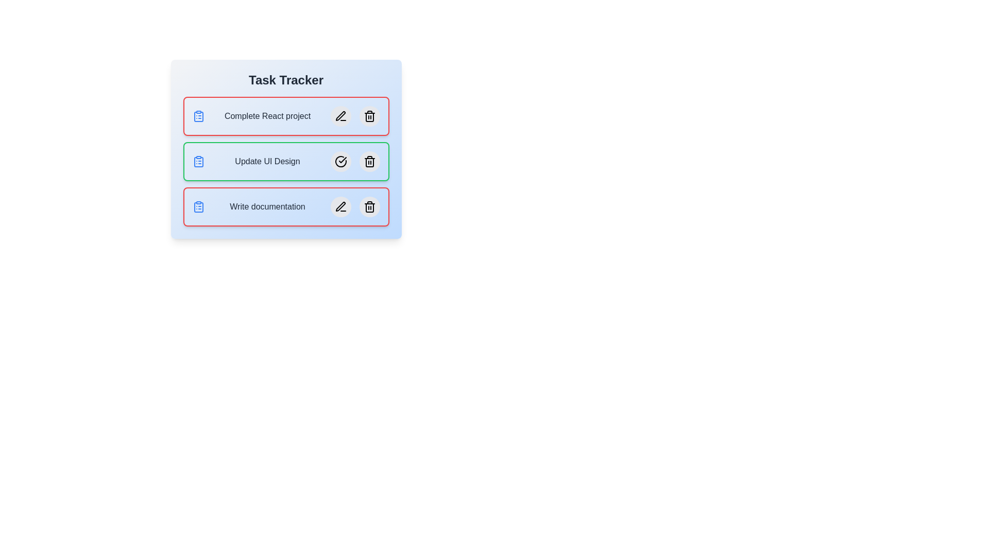  What do you see at coordinates (369, 161) in the screenshot?
I see `the delete button for the task named Update UI Design` at bounding box center [369, 161].